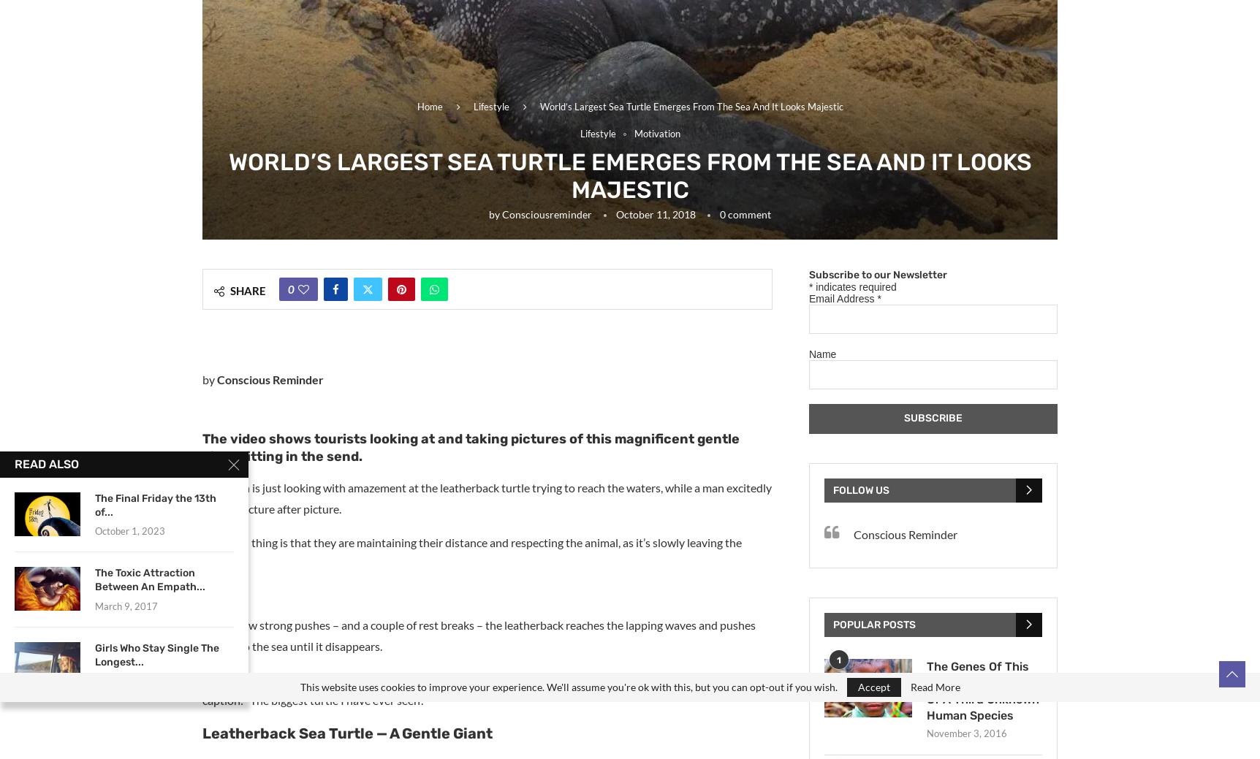 The height and width of the screenshot is (759, 1260). What do you see at coordinates (429, 105) in the screenshot?
I see `'Home'` at bounding box center [429, 105].